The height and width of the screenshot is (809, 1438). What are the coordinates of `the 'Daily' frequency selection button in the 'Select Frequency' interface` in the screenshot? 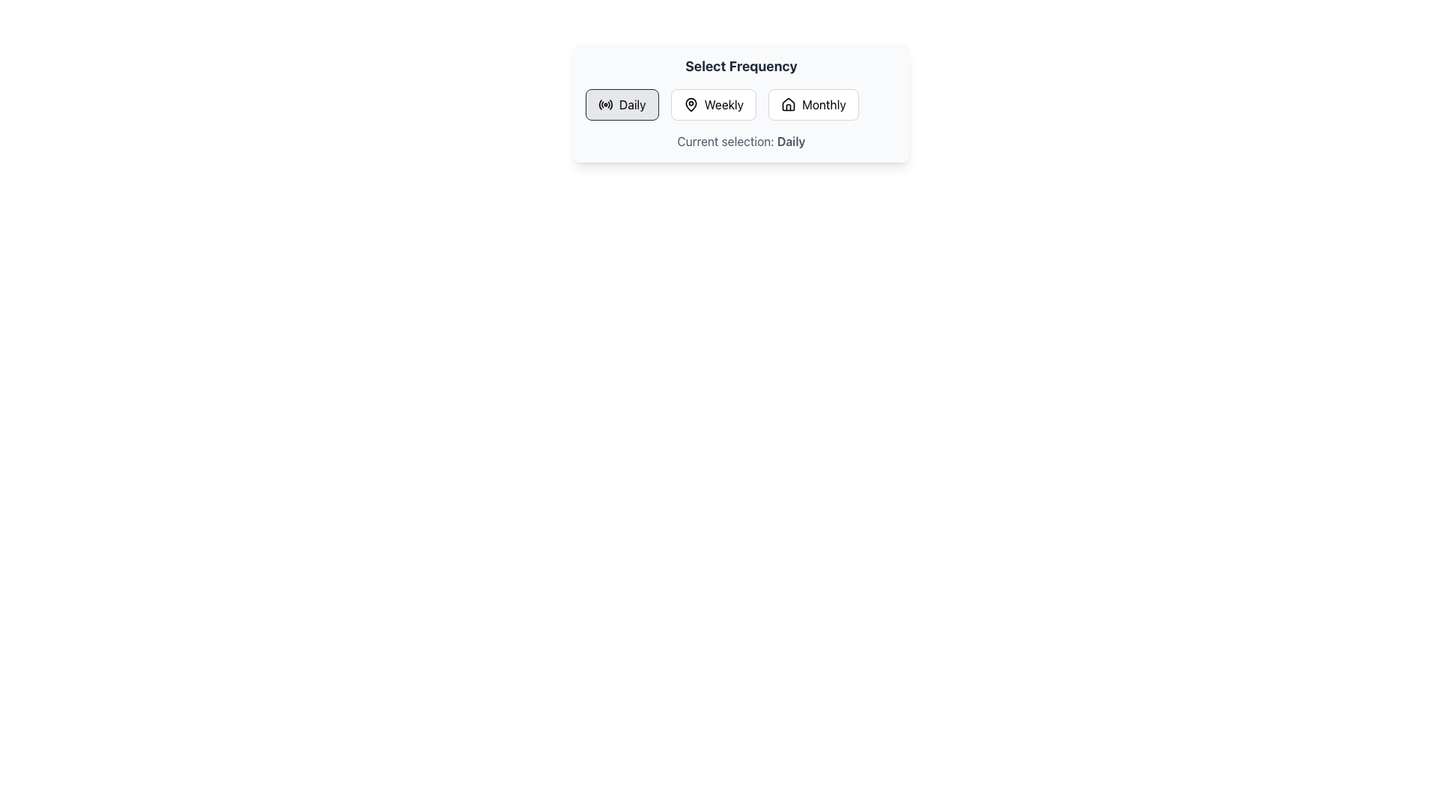 It's located at (622, 103).